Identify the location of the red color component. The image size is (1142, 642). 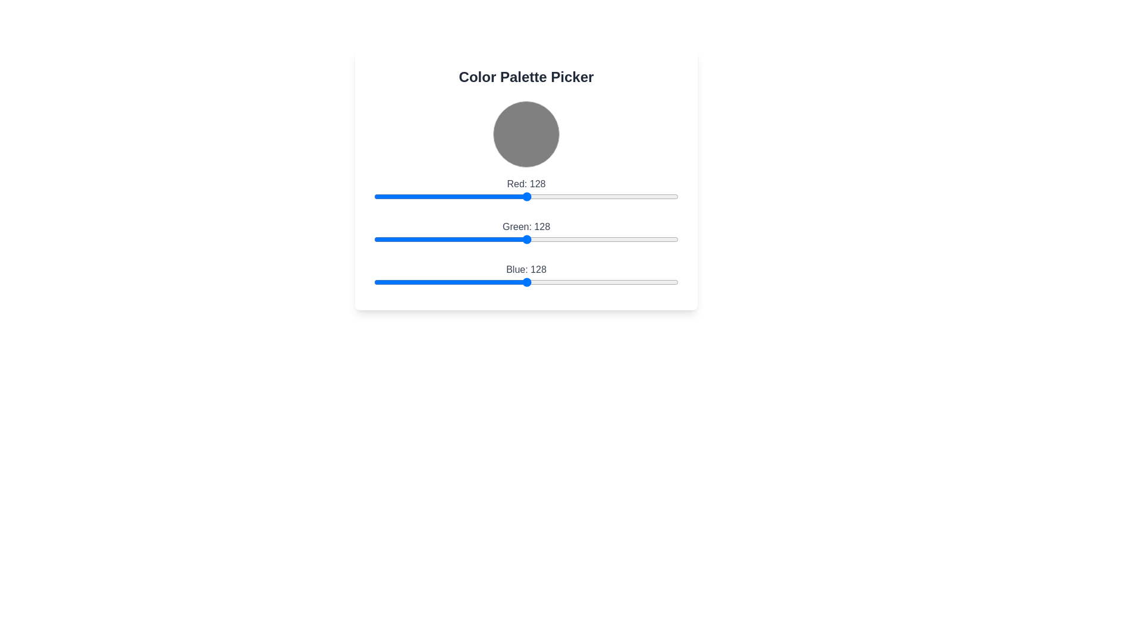
(388, 196).